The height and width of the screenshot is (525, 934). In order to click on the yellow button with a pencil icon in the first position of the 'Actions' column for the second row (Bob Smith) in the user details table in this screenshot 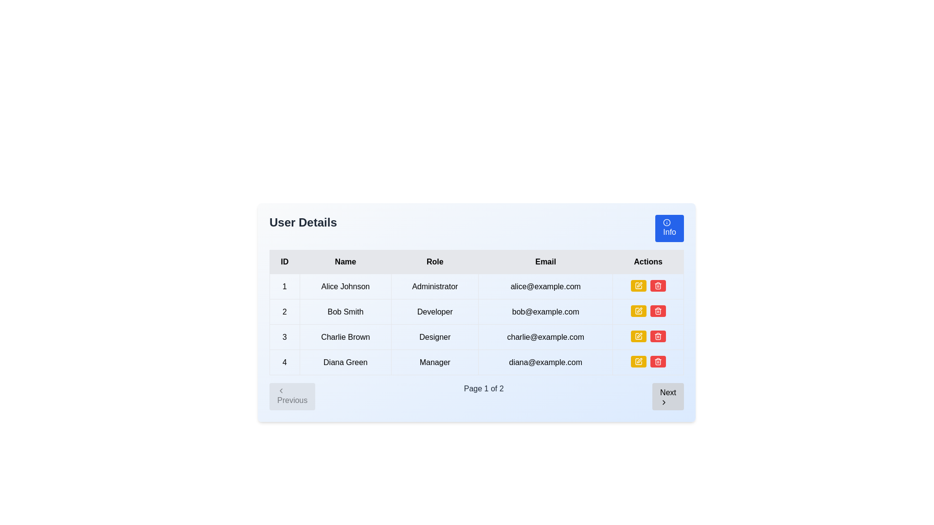, I will do `click(638, 311)`.